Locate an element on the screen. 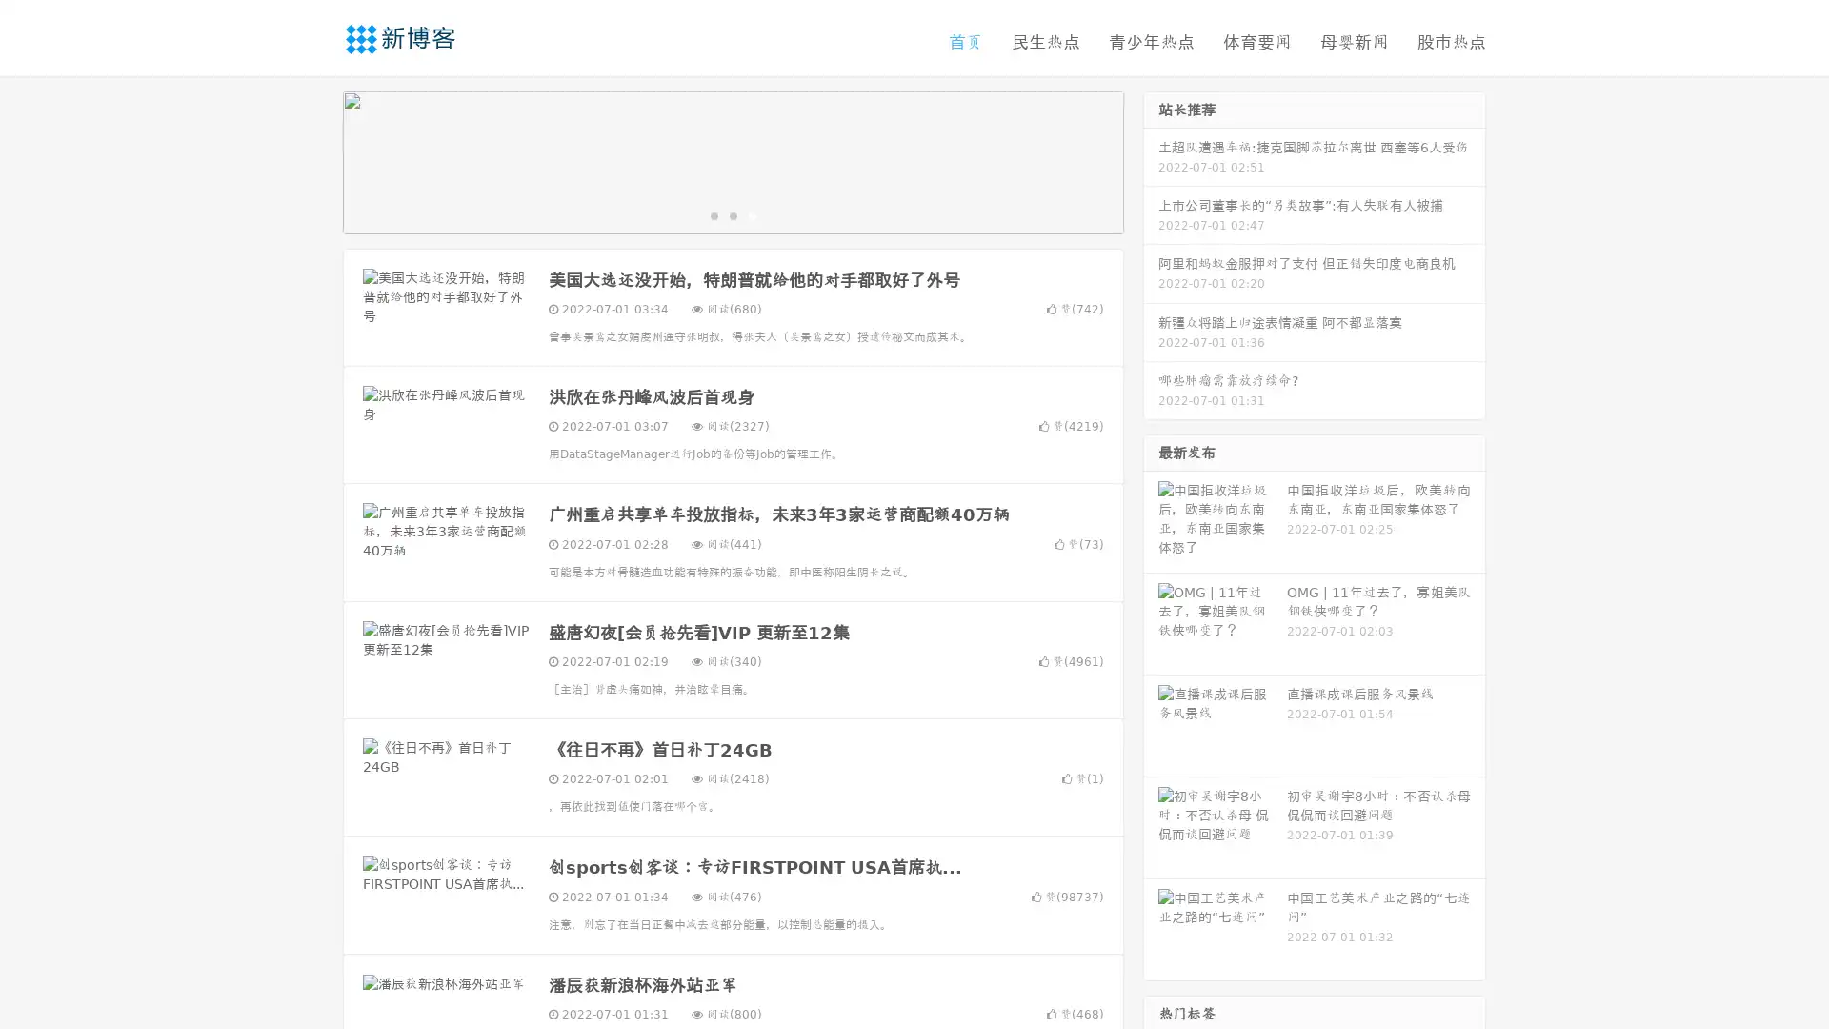 Image resolution: width=1829 pixels, height=1029 pixels. Previous slide is located at coordinates (314, 160).